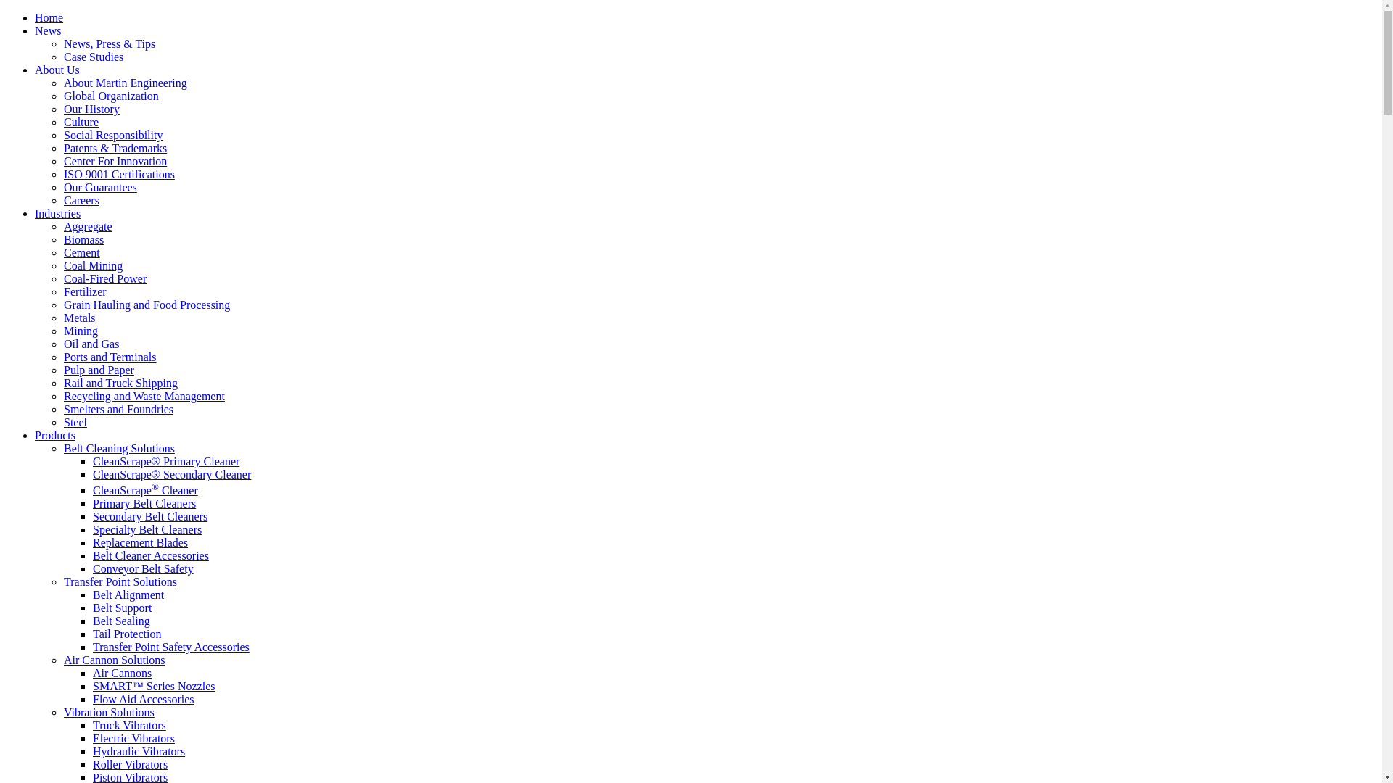  What do you see at coordinates (79, 317) in the screenshot?
I see `'Metals'` at bounding box center [79, 317].